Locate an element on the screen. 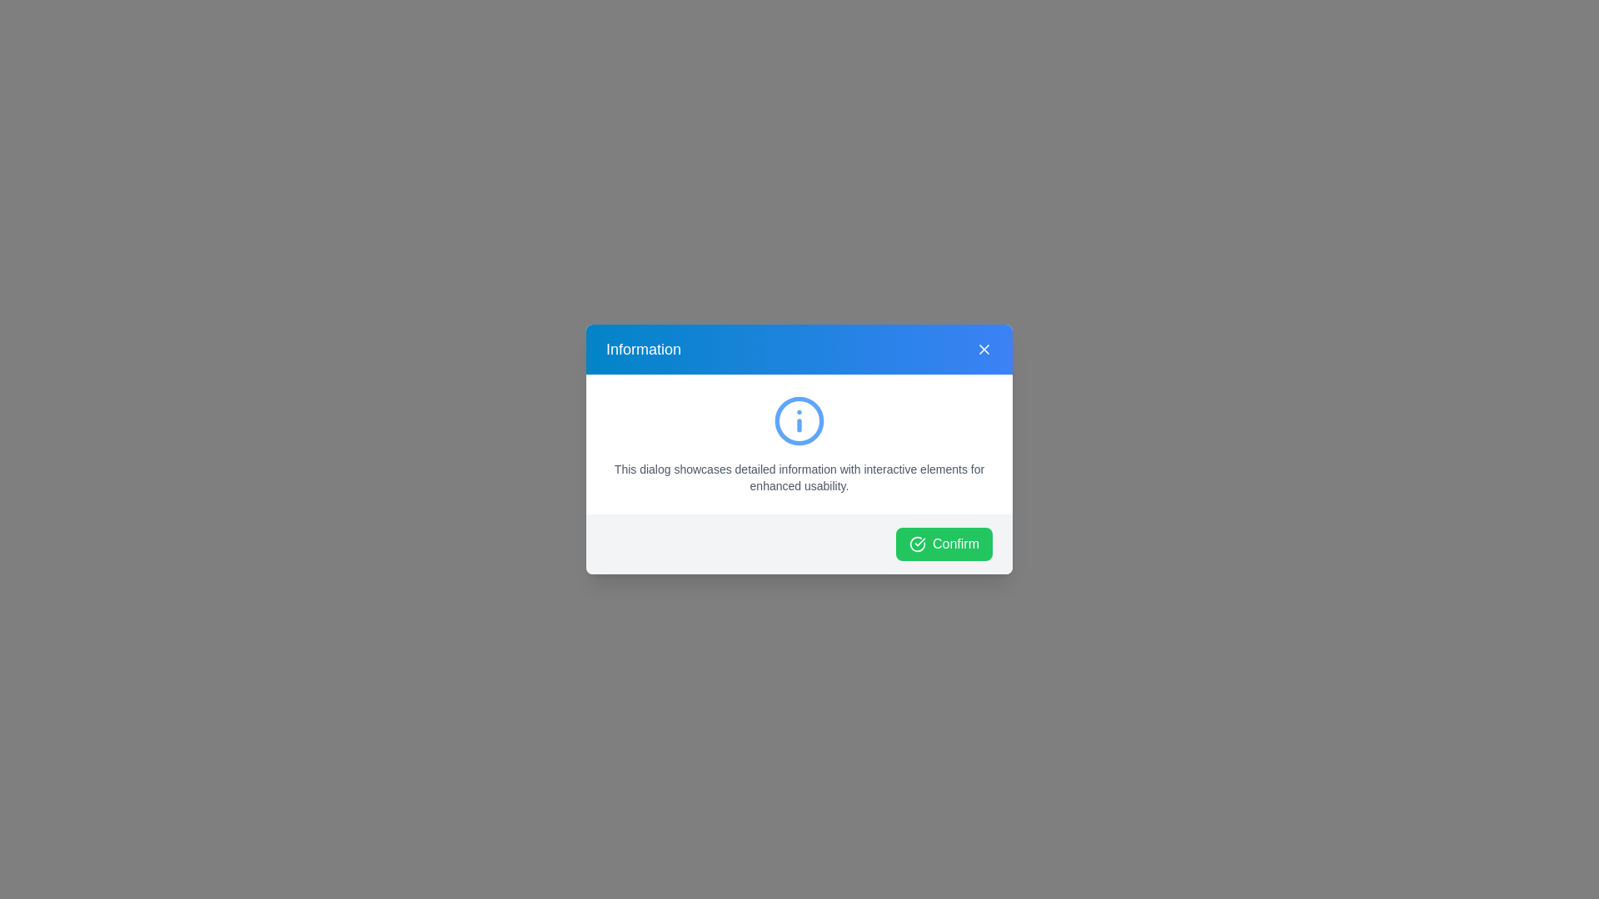 The image size is (1599, 899). the 'Information' text label element, which is styled with a large white font on a gradient blue background and located in the header section of the modal dialog is located at coordinates (642, 349).